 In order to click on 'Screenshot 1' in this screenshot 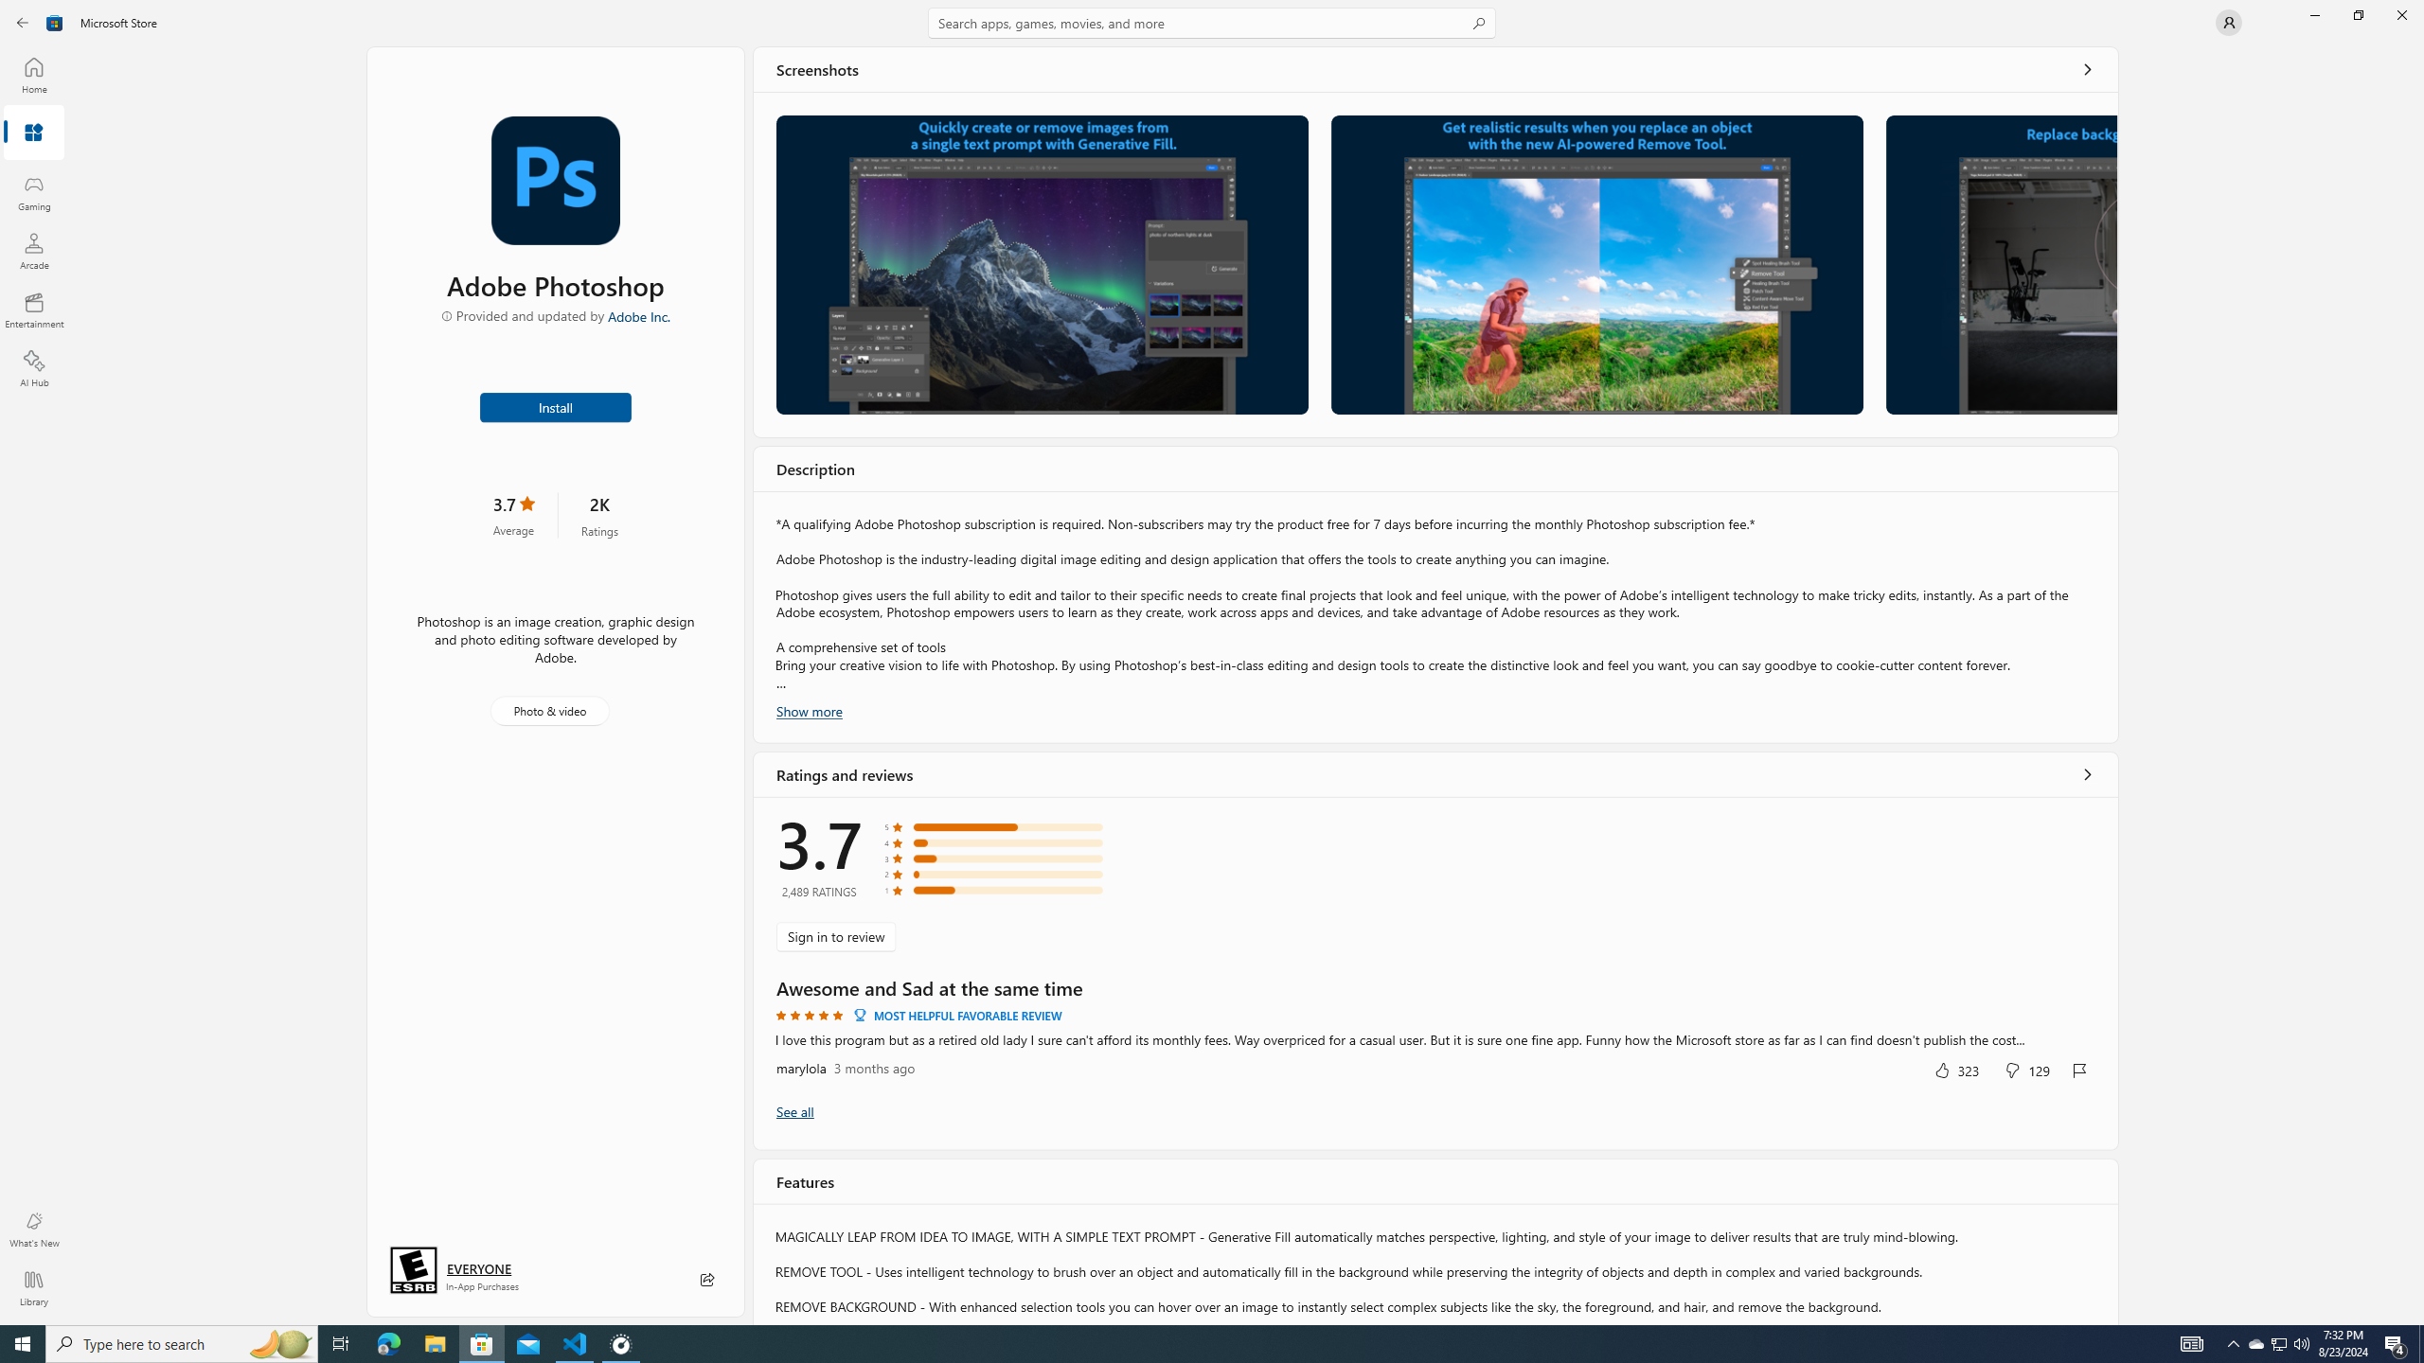, I will do `click(1042, 264)`.